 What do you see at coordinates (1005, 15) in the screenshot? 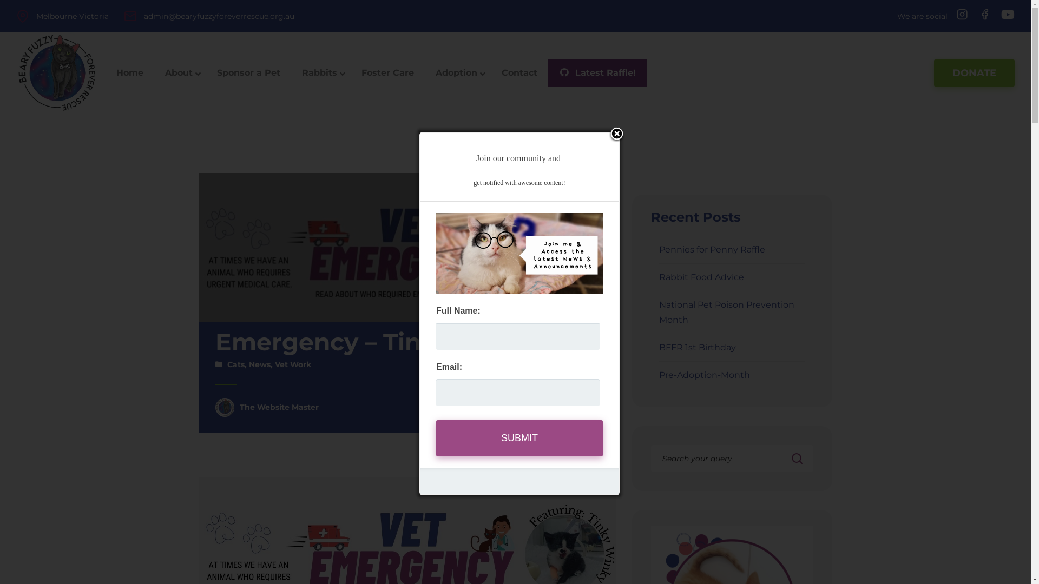
I see `'Youtube'` at bounding box center [1005, 15].